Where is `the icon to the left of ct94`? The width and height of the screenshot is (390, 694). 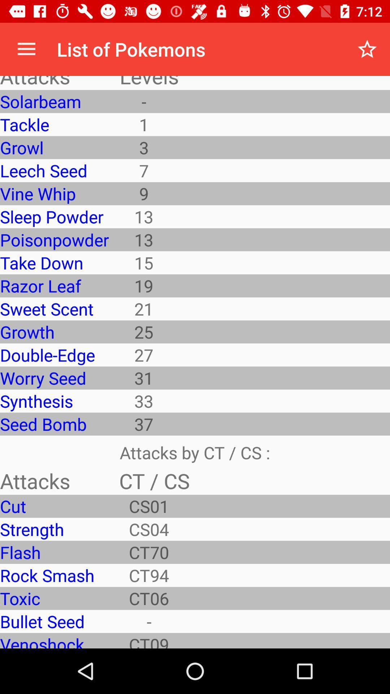 the icon to the left of ct94 is located at coordinates (54, 598).